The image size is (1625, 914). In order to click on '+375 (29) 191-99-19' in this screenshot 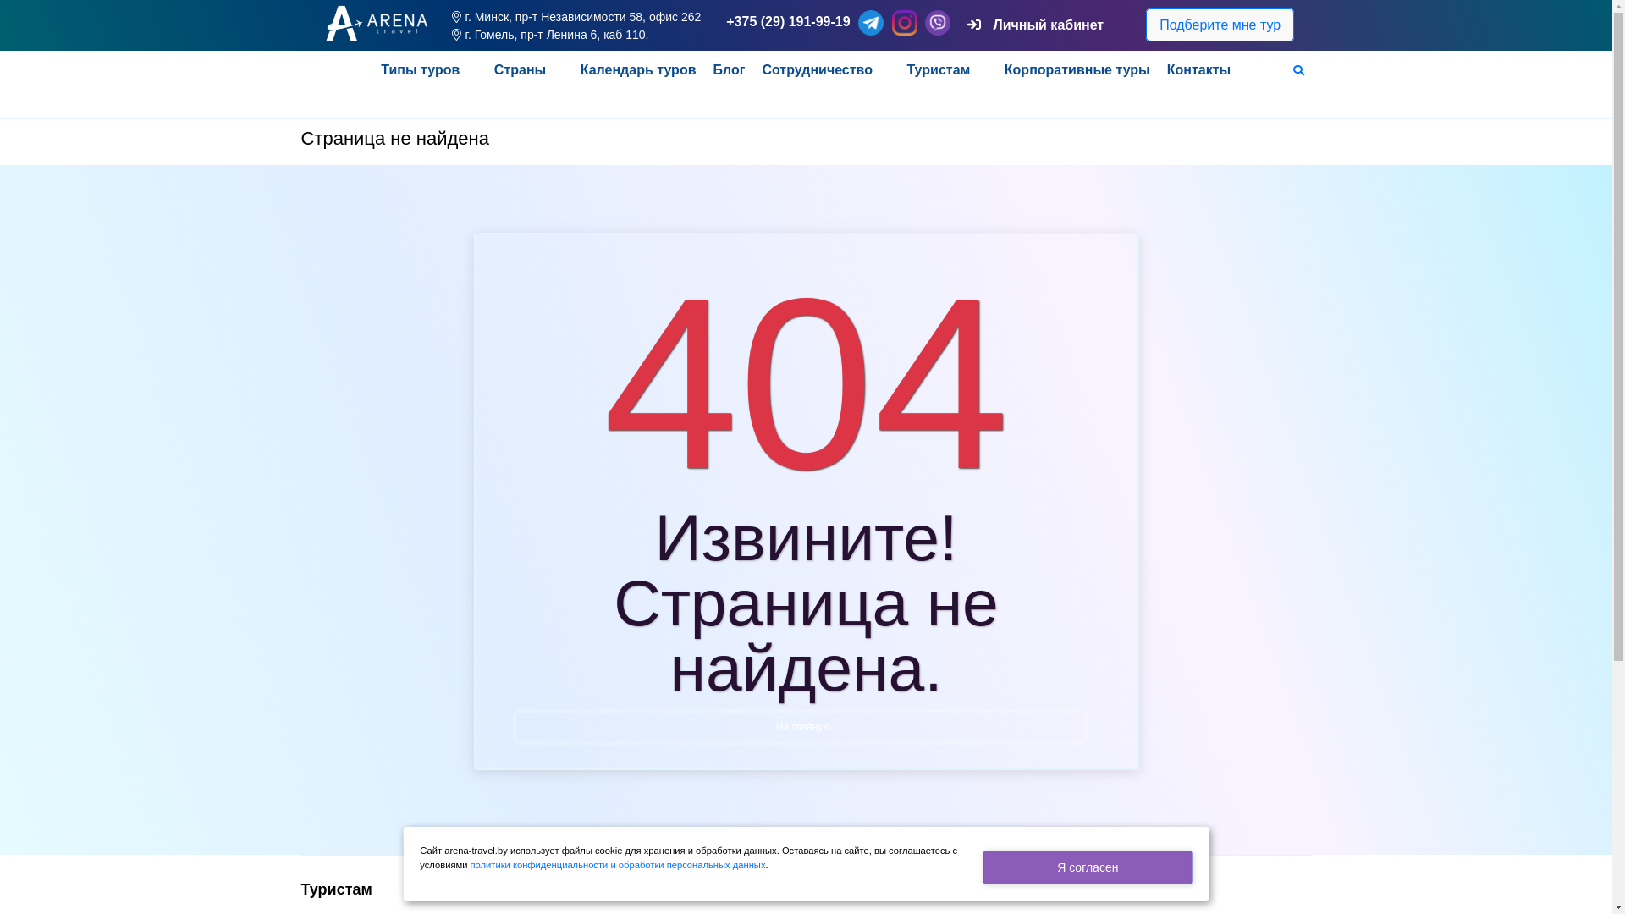, I will do `click(787, 21)`.